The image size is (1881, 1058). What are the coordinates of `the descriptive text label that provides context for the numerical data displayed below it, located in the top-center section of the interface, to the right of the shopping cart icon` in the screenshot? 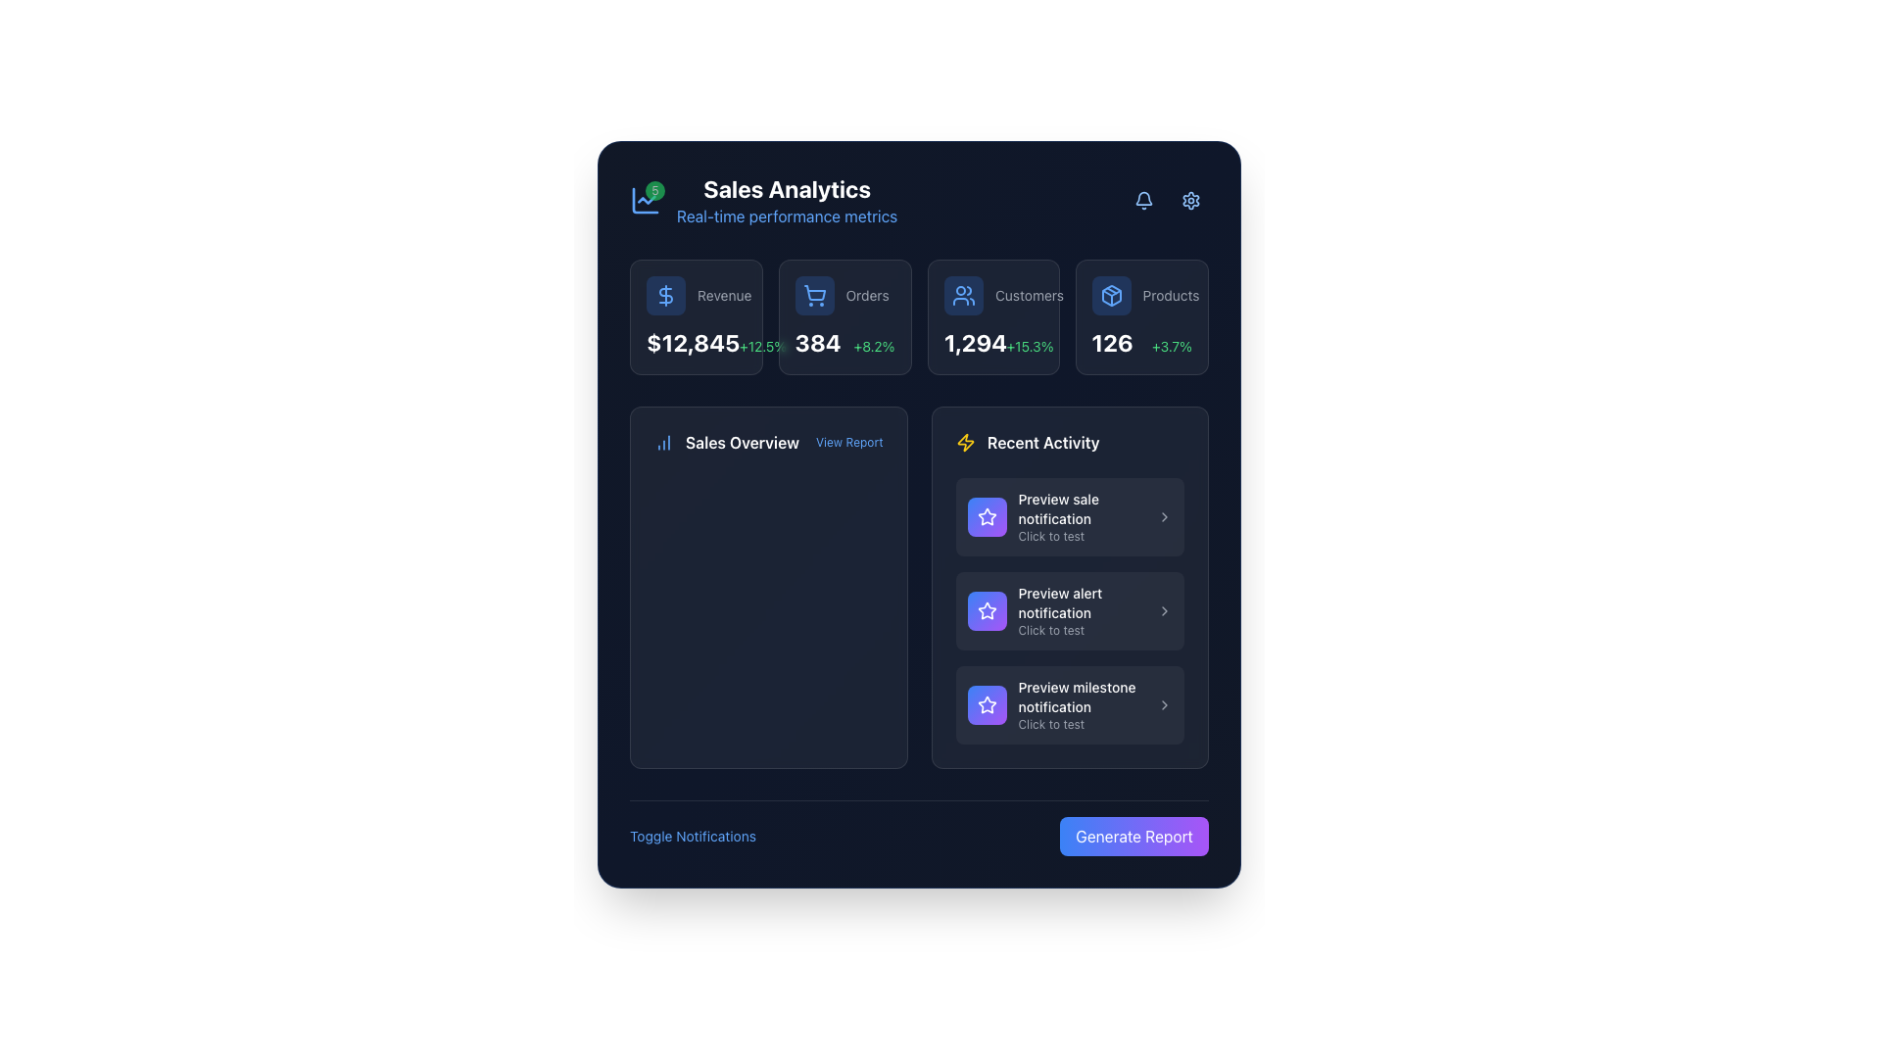 It's located at (866, 295).